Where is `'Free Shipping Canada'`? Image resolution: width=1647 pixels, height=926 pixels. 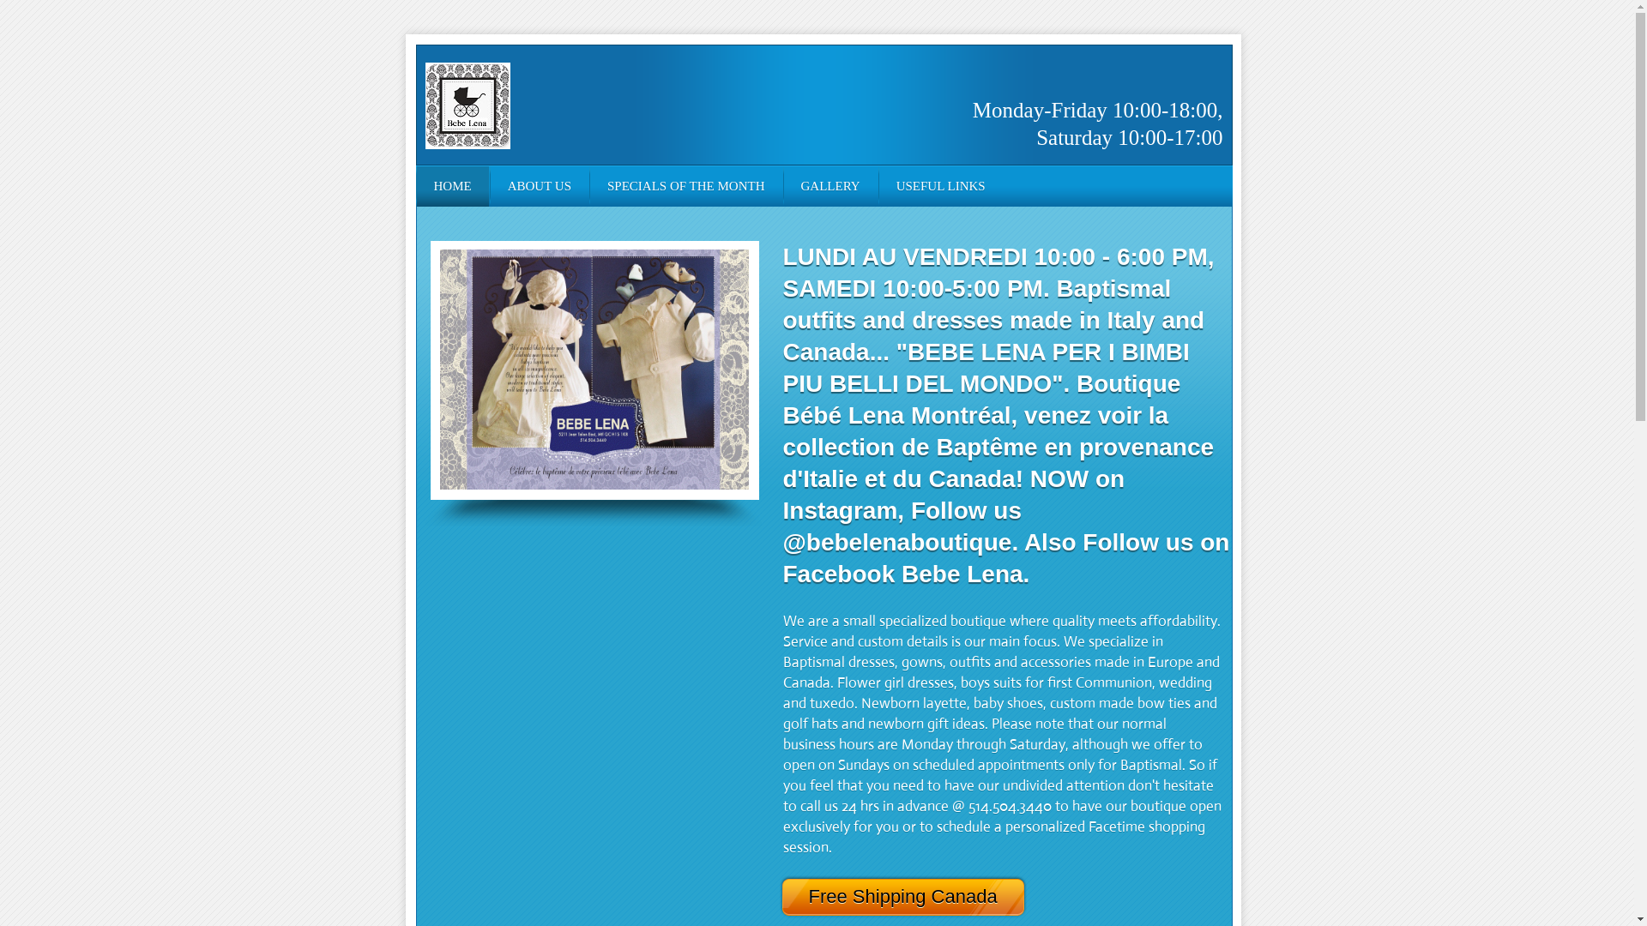
'Free Shipping Canada' is located at coordinates (916, 895).